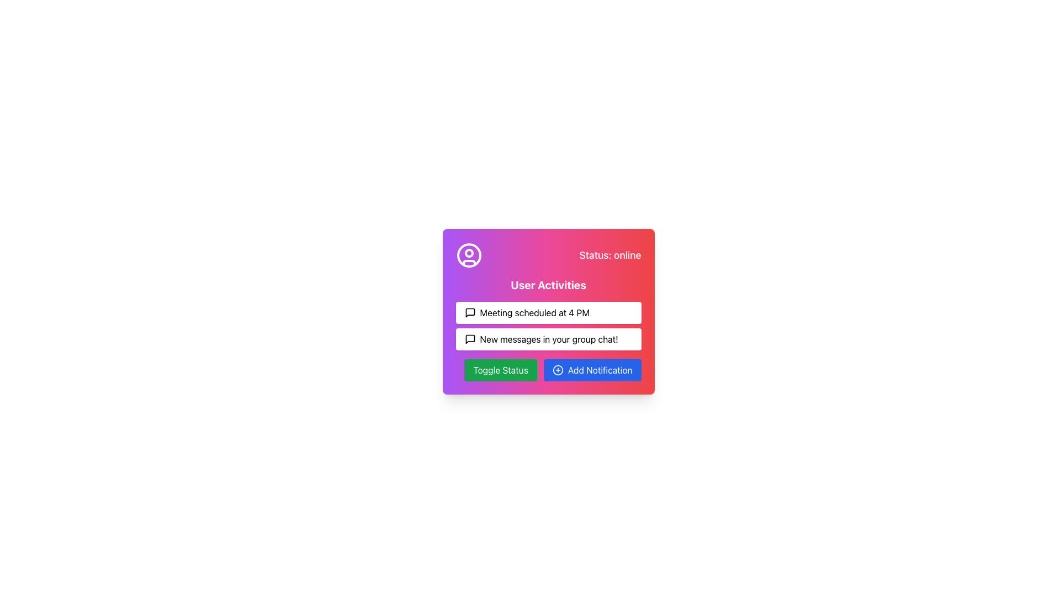  I want to click on the circular decorative element located at the center of the avatar icon on the 'User Activities' card, so click(469, 253).